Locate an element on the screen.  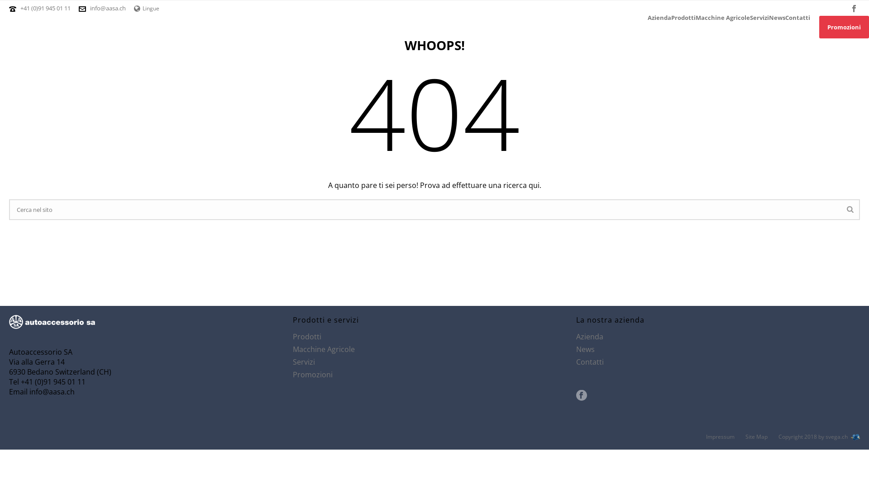
'Lingue' is located at coordinates (147, 8).